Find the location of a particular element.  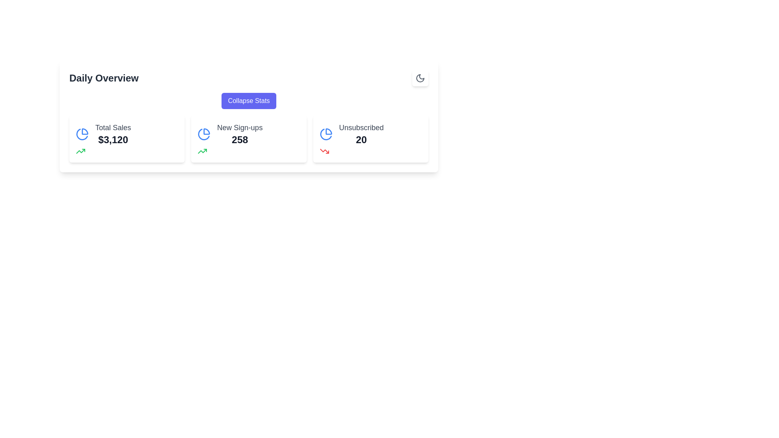

the moon-shaped button located at the upper-right corner of the 'Daily Overview' section is located at coordinates (420, 78).